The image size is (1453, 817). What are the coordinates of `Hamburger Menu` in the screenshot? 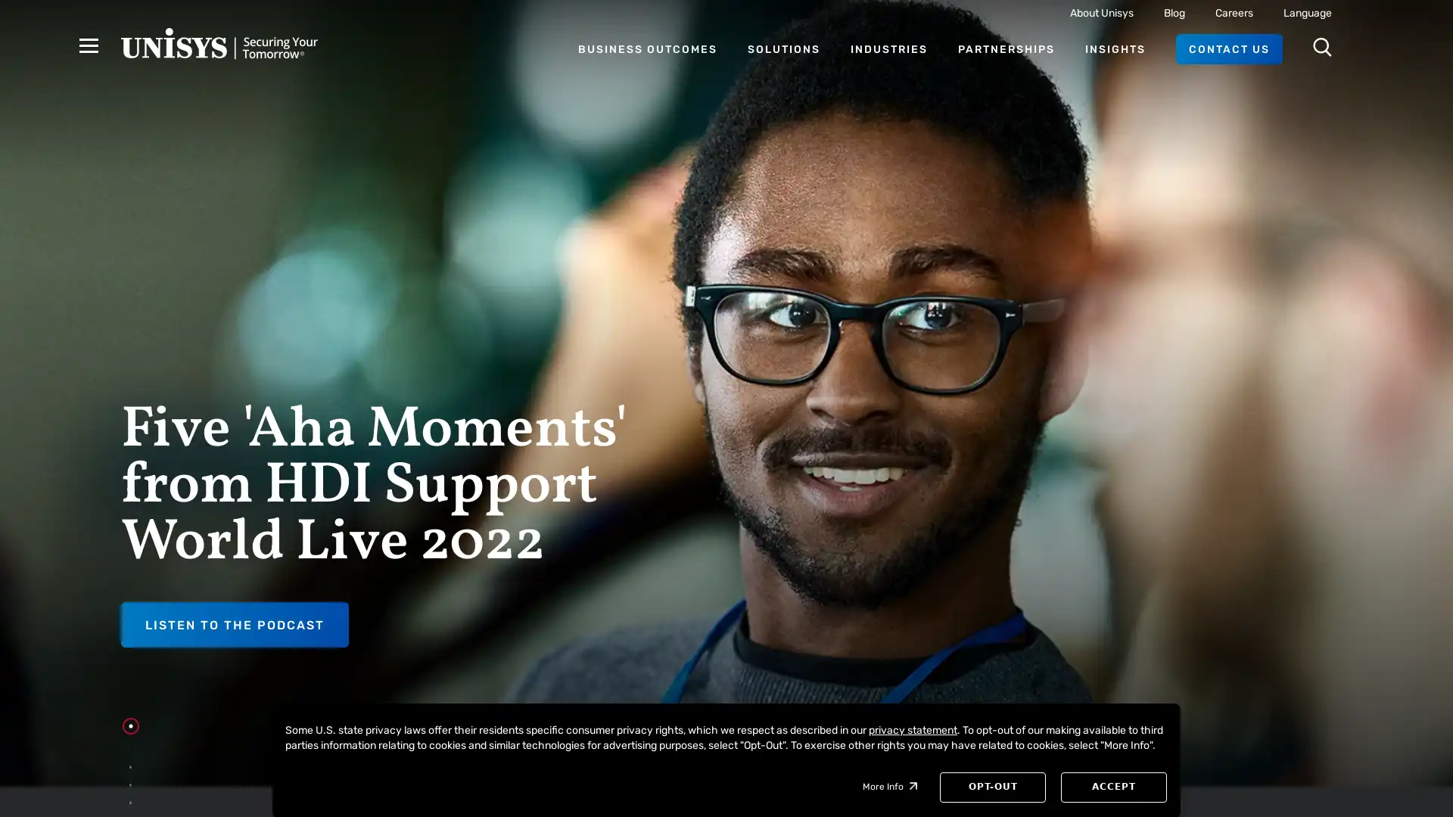 It's located at (88, 44).